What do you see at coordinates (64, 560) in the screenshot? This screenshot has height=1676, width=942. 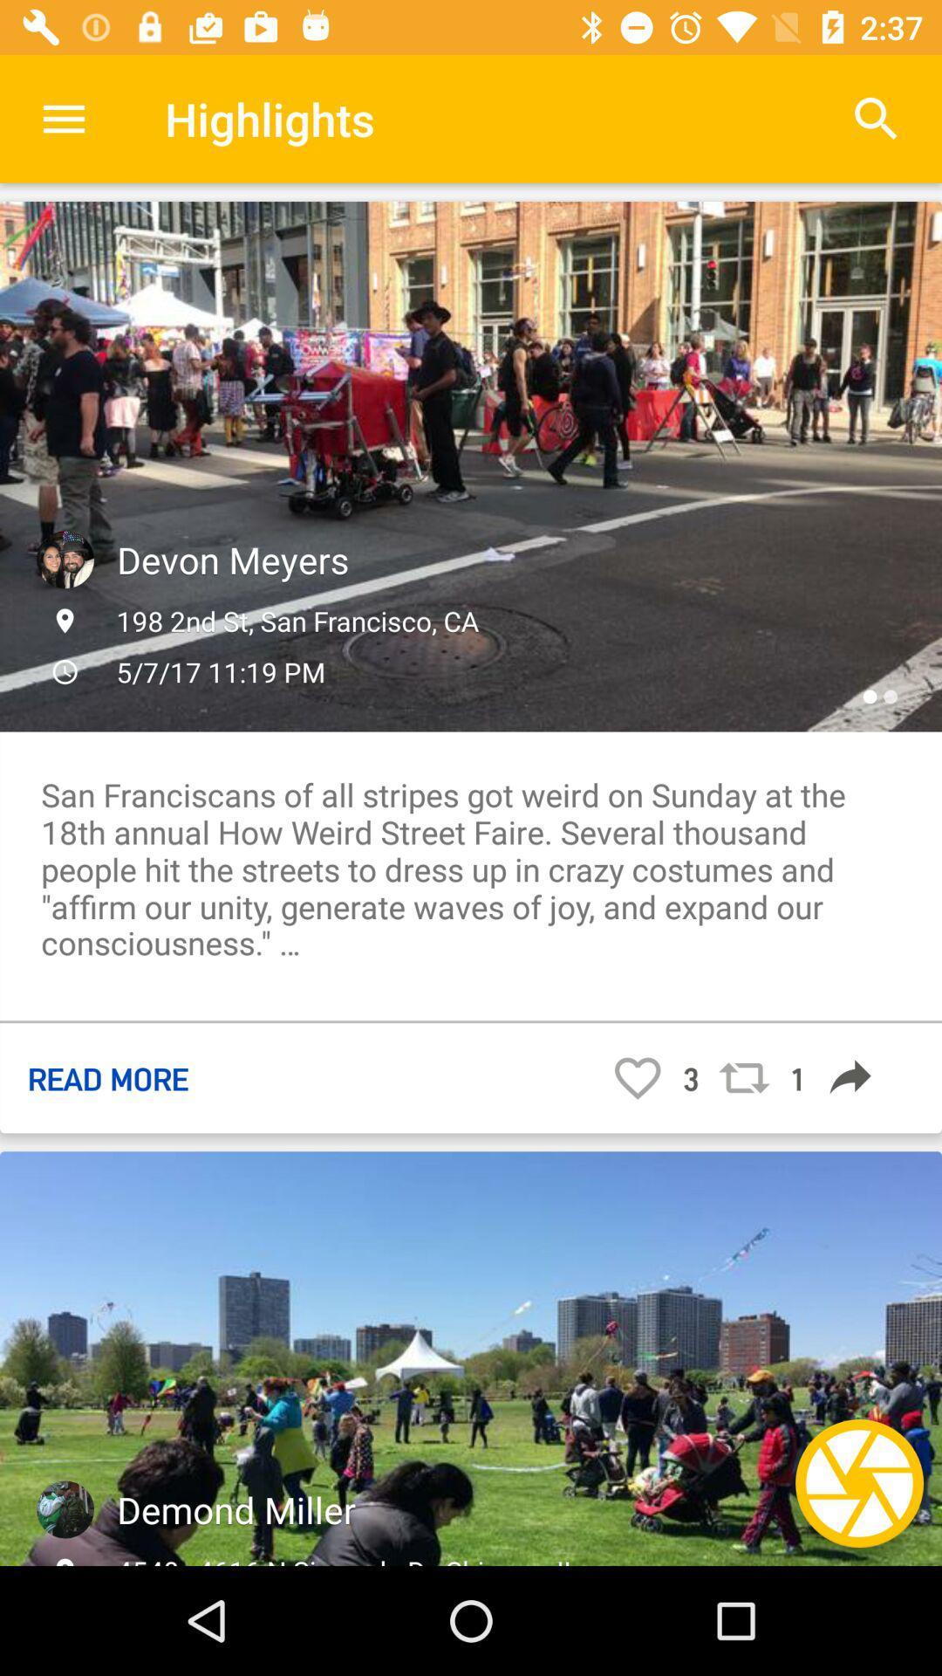 I see `a profile picture which is before devon meyers` at bounding box center [64, 560].